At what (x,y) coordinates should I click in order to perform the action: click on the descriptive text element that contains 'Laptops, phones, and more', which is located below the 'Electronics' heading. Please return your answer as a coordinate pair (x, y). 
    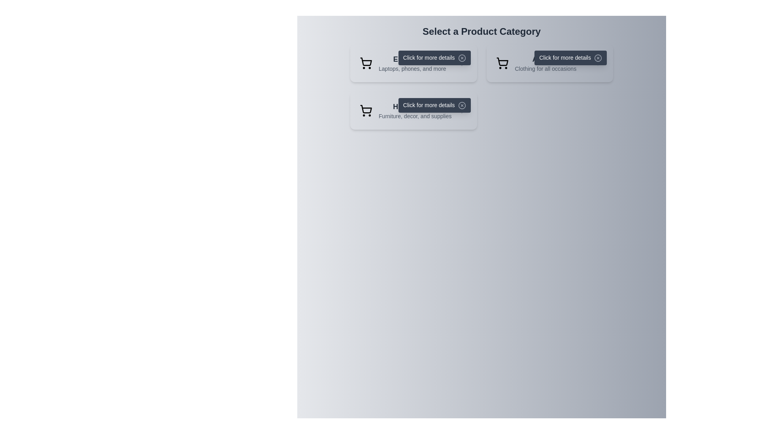
    Looking at the image, I should click on (412, 68).